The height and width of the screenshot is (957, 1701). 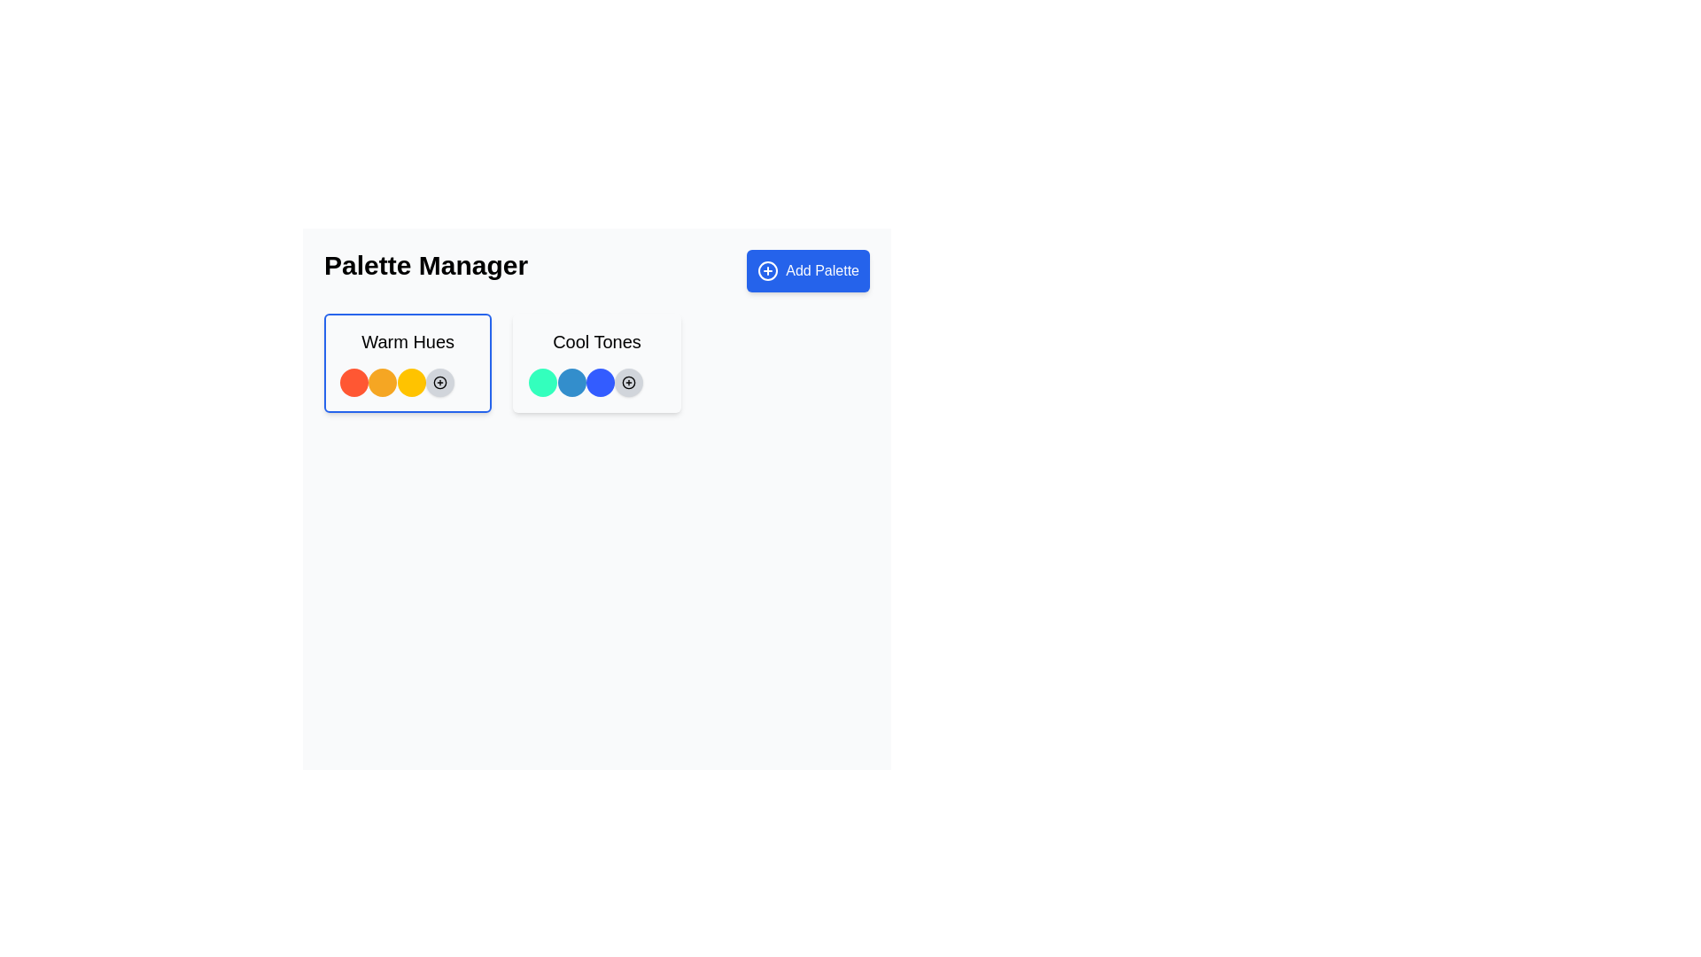 What do you see at coordinates (425, 270) in the screenshot?
I see `the 'Palette Manager' text label` at bounding box center [425, 270].